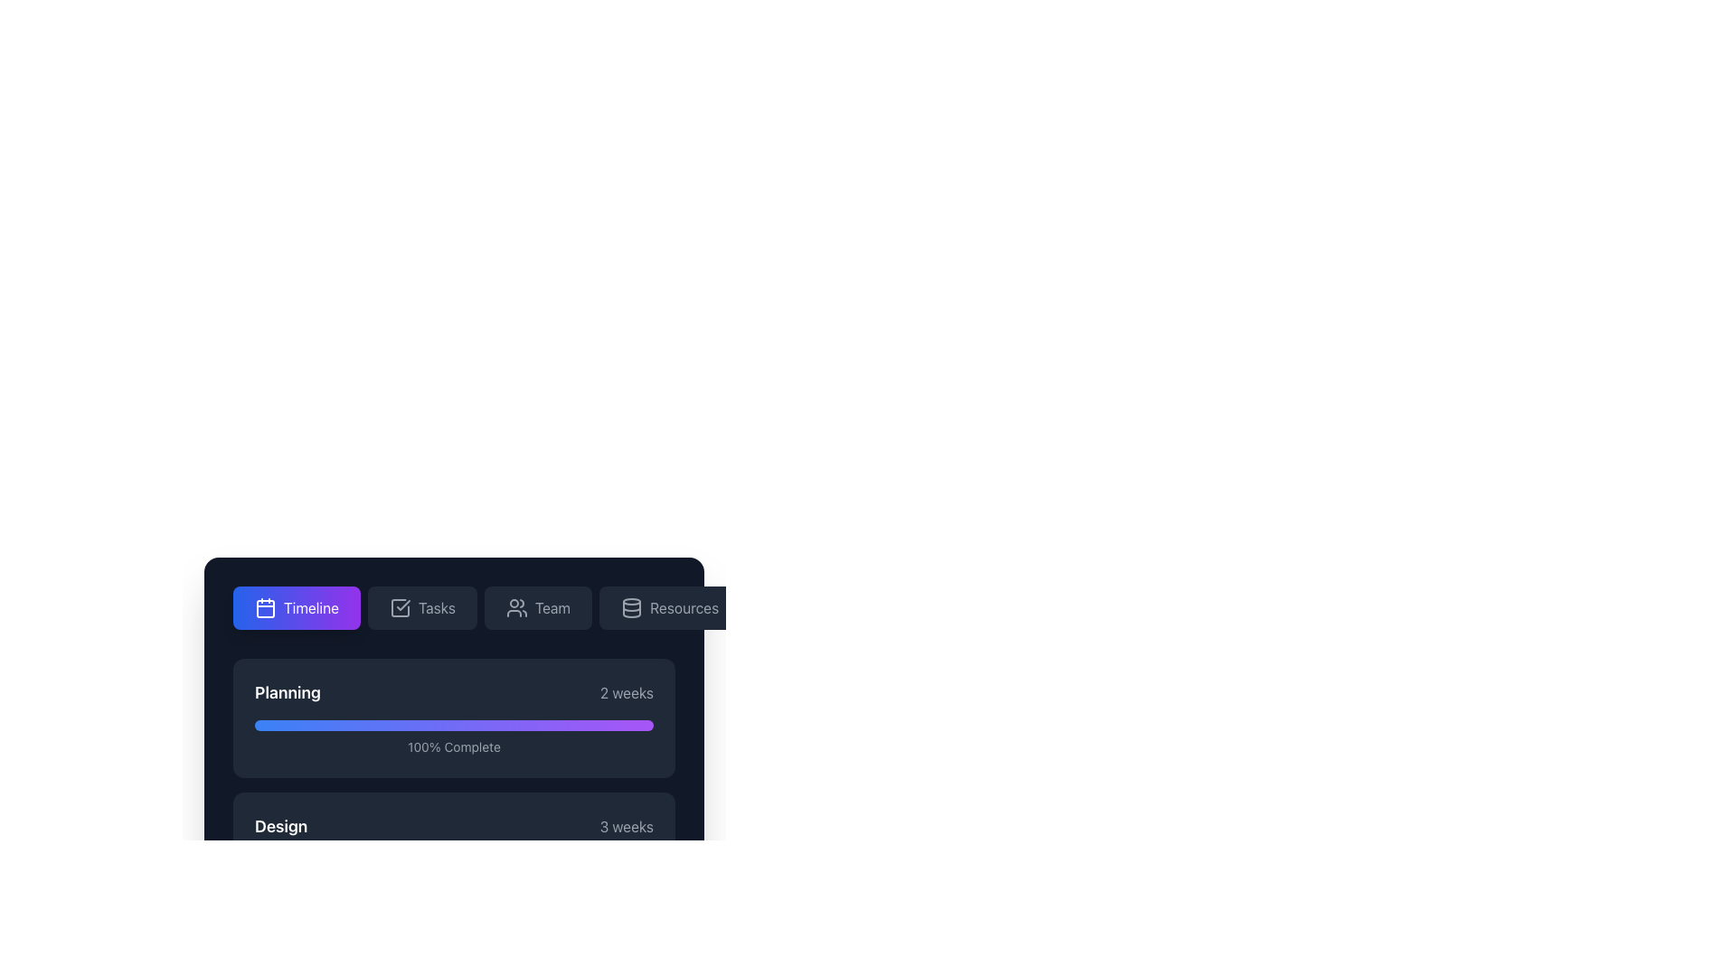 Image resolution: width=1736 pixels, height=976 pixels. I want to click on the 'Resources' text label in the menu, so click(684, 607).